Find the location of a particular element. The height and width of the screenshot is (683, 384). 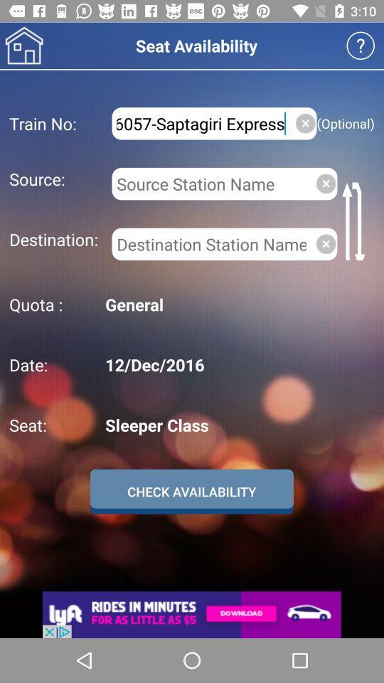

icon below the (optional) icon is located at coordinates (355, 221).